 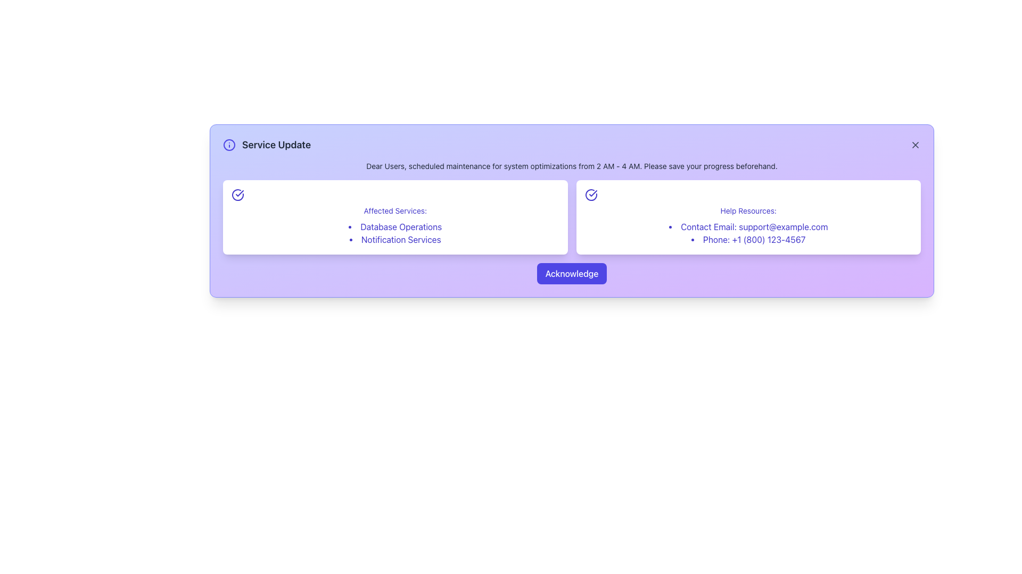 I want to click on the close button located in the upper-right corner of the purple notification panel, so click(x=914, y=145).